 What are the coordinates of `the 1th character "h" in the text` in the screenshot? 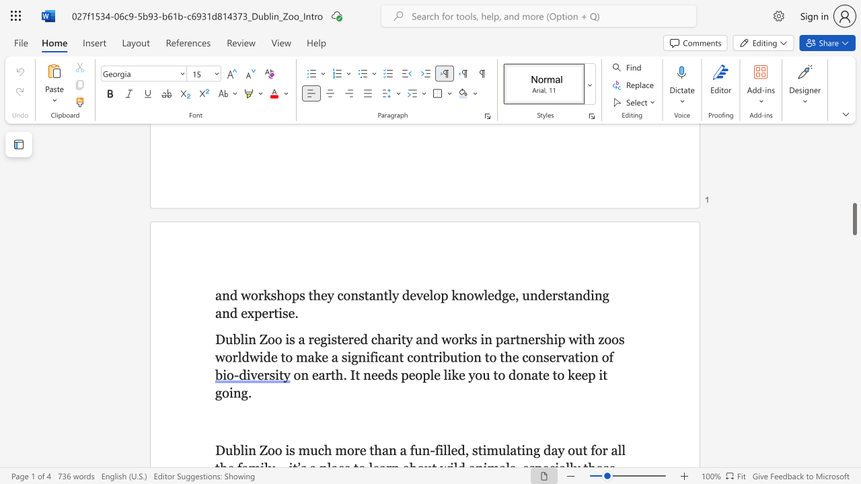 It's located at (380, 338).